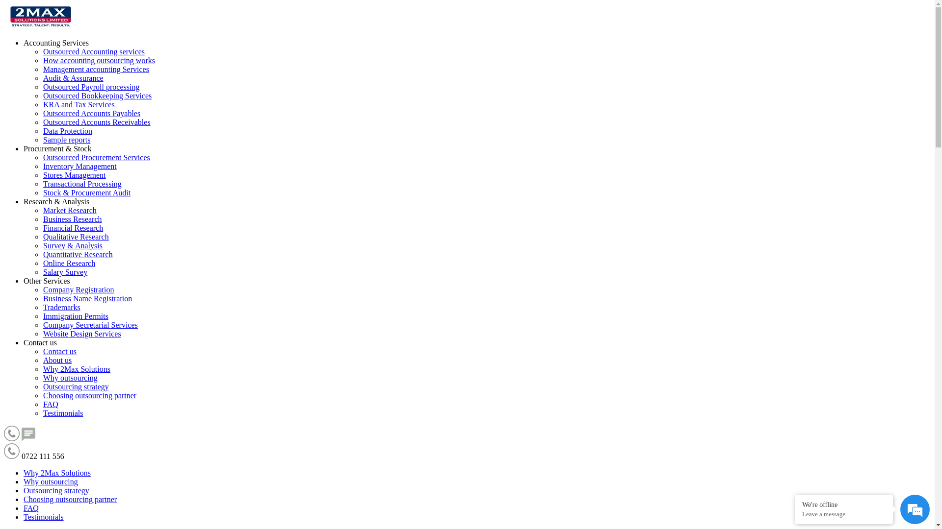  Describe the element at coordinates (87, 192) in the screenshot. I see `'Stock & Procurement Audit'` at that location.